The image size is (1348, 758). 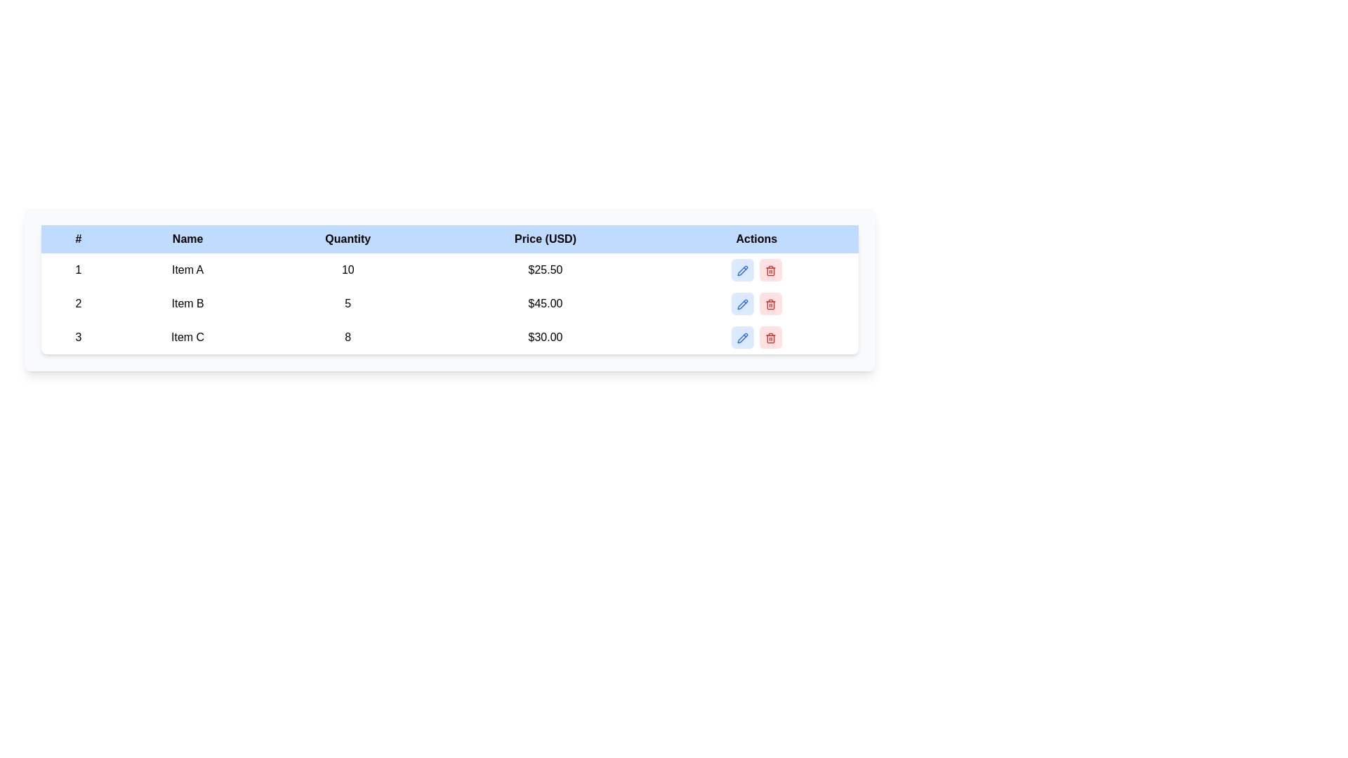 What do you see at coordinates (348, 338) in the screenshot?
I see `the Text label displaying the quantity of 'Item C' in the table, located in the 'Quantity' column between the Name 'Item C' and the Price '$30.00'` at bounding box center [348, 338].